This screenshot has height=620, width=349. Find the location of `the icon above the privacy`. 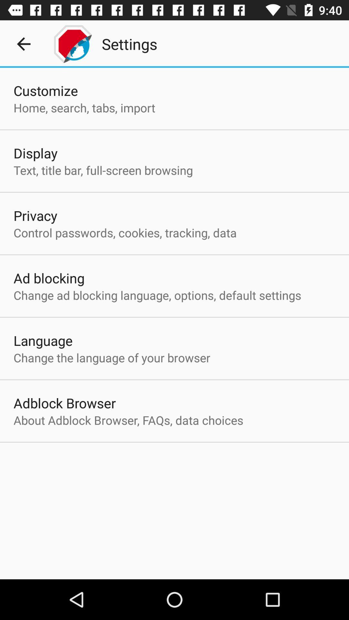

the icon above the privacy is located at coordinates (103, 170).